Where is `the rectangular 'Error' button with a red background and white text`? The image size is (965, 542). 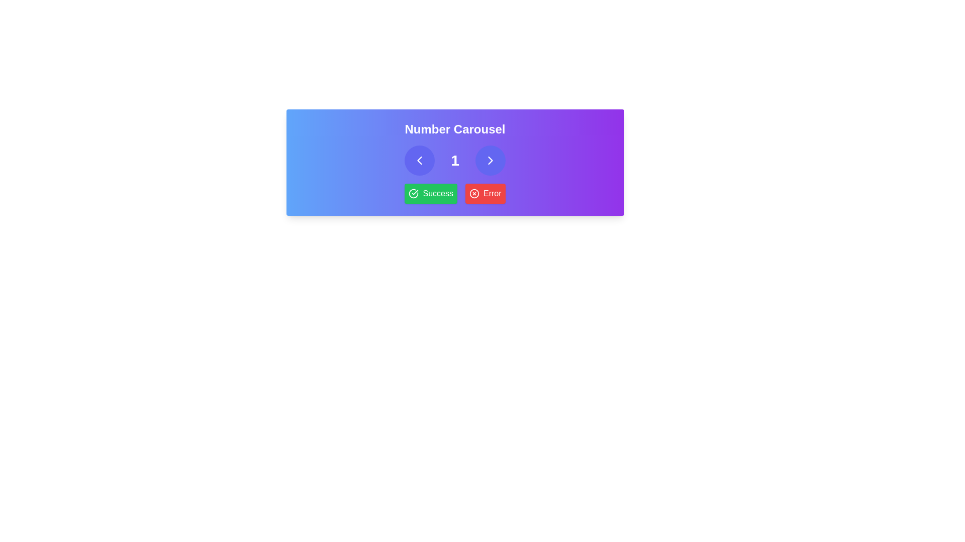 the rectangular 'Error' button with a red background and white text is located at coordinates (485, 193).